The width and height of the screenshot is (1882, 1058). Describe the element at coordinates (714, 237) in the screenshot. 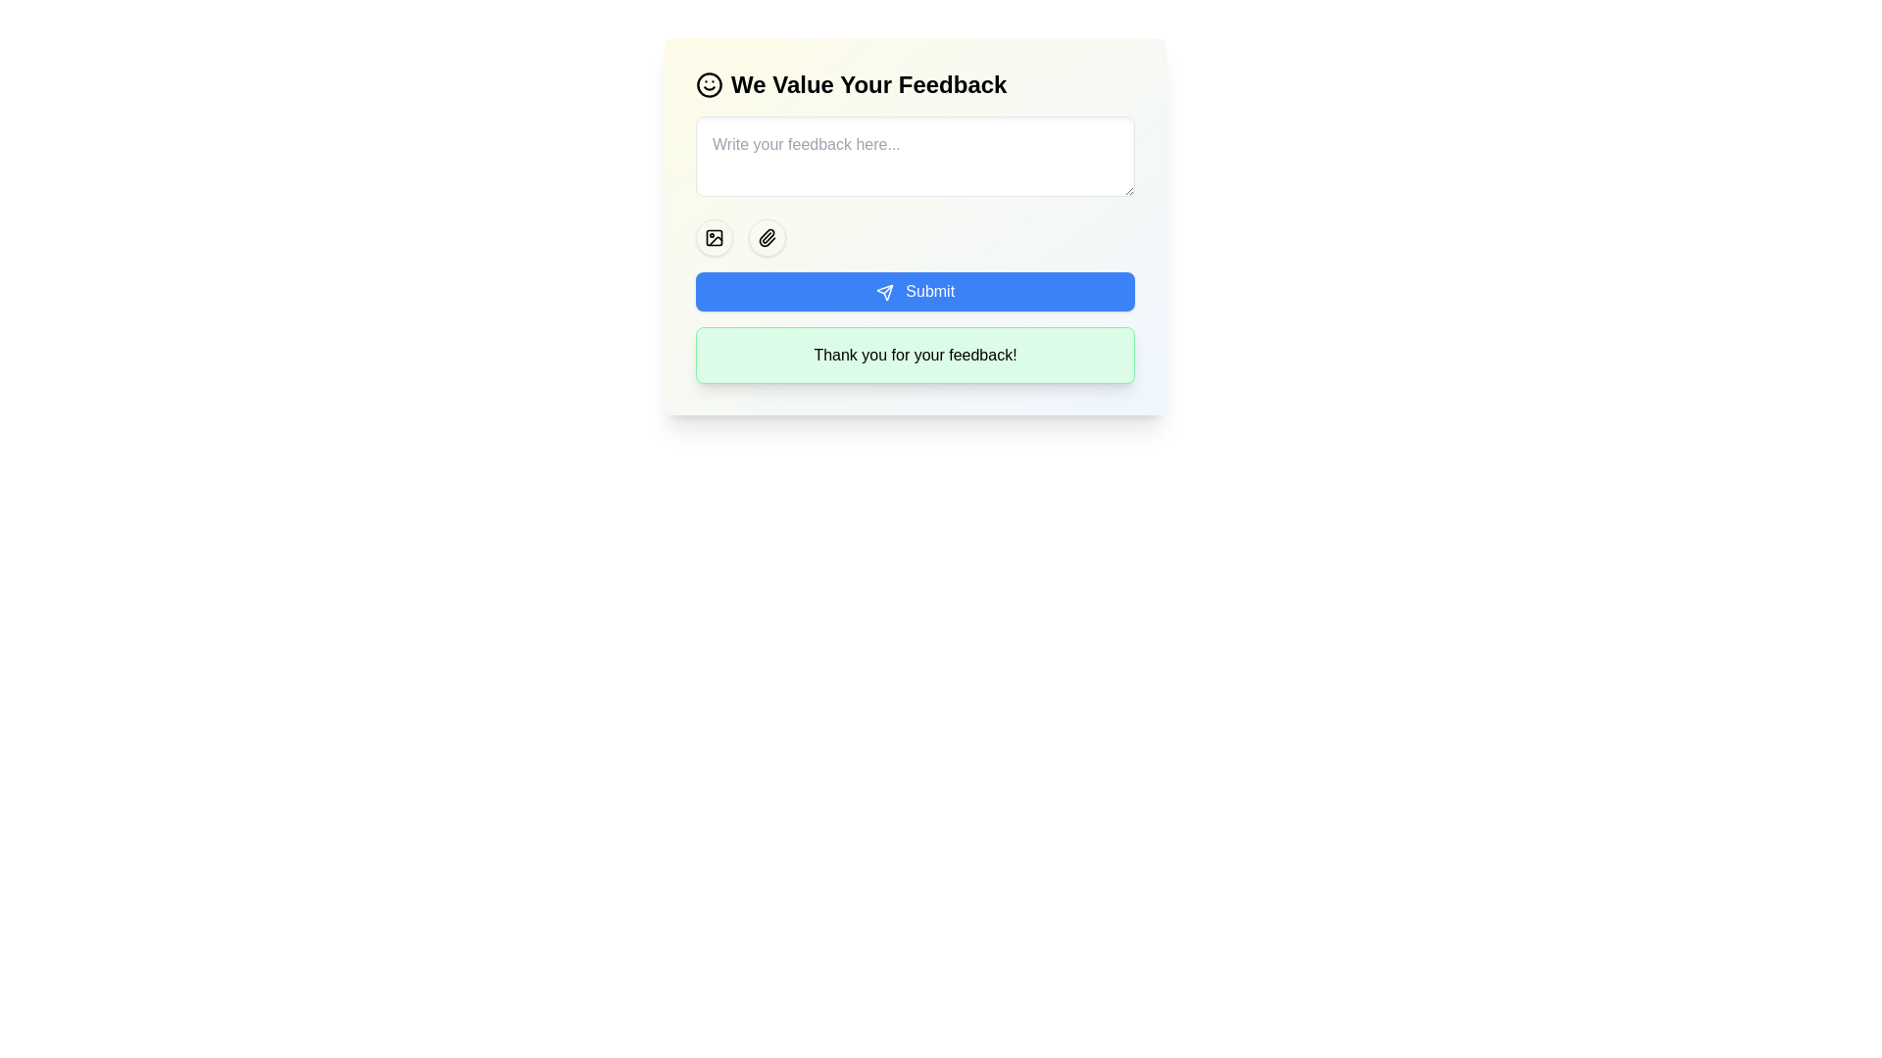

I see `the second SVG Rectangle element that is part of an icon structure, located to the left of the text input field in the feedback form interface` at that location.